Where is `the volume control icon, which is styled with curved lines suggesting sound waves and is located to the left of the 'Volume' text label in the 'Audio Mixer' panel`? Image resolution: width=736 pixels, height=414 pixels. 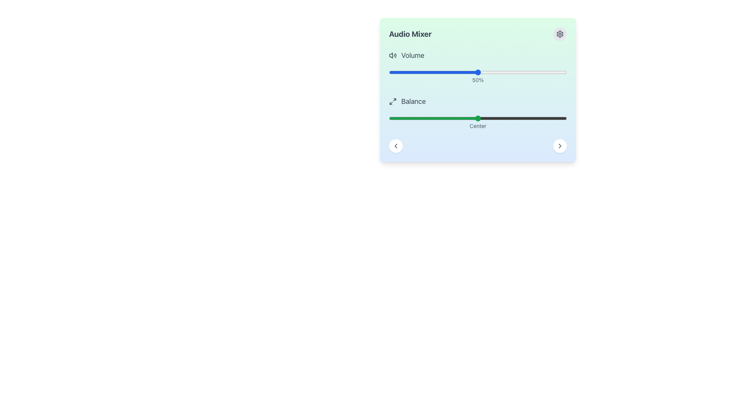 the volume control icon, which is styled with curved lines suggesting sound waves and is located to the left of the 'Volume' text label in the 'Audio Mixer' panel is located at coordinates (393, 55).